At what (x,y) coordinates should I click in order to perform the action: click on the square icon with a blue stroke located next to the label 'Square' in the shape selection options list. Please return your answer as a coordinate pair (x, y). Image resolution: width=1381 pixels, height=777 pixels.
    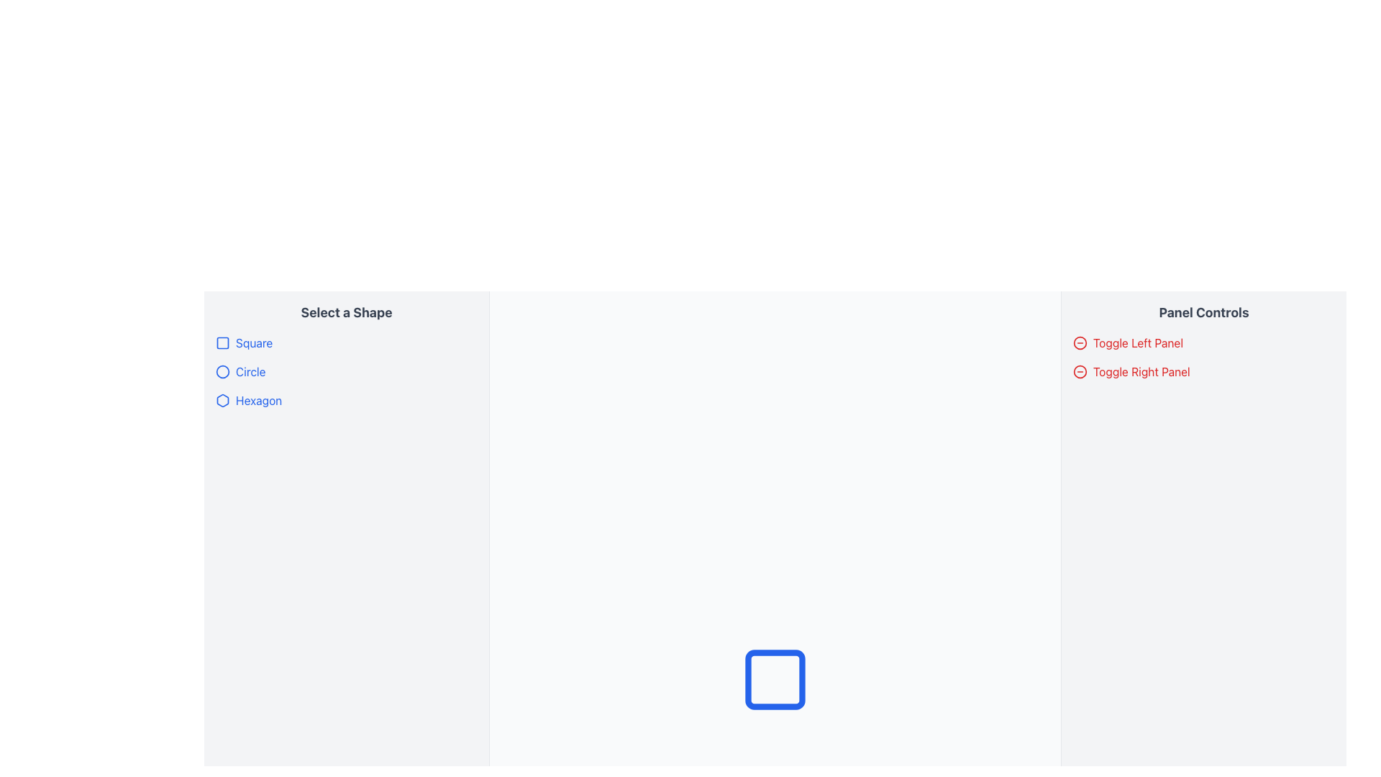
    Looking at the image, I should click on (222, 343).